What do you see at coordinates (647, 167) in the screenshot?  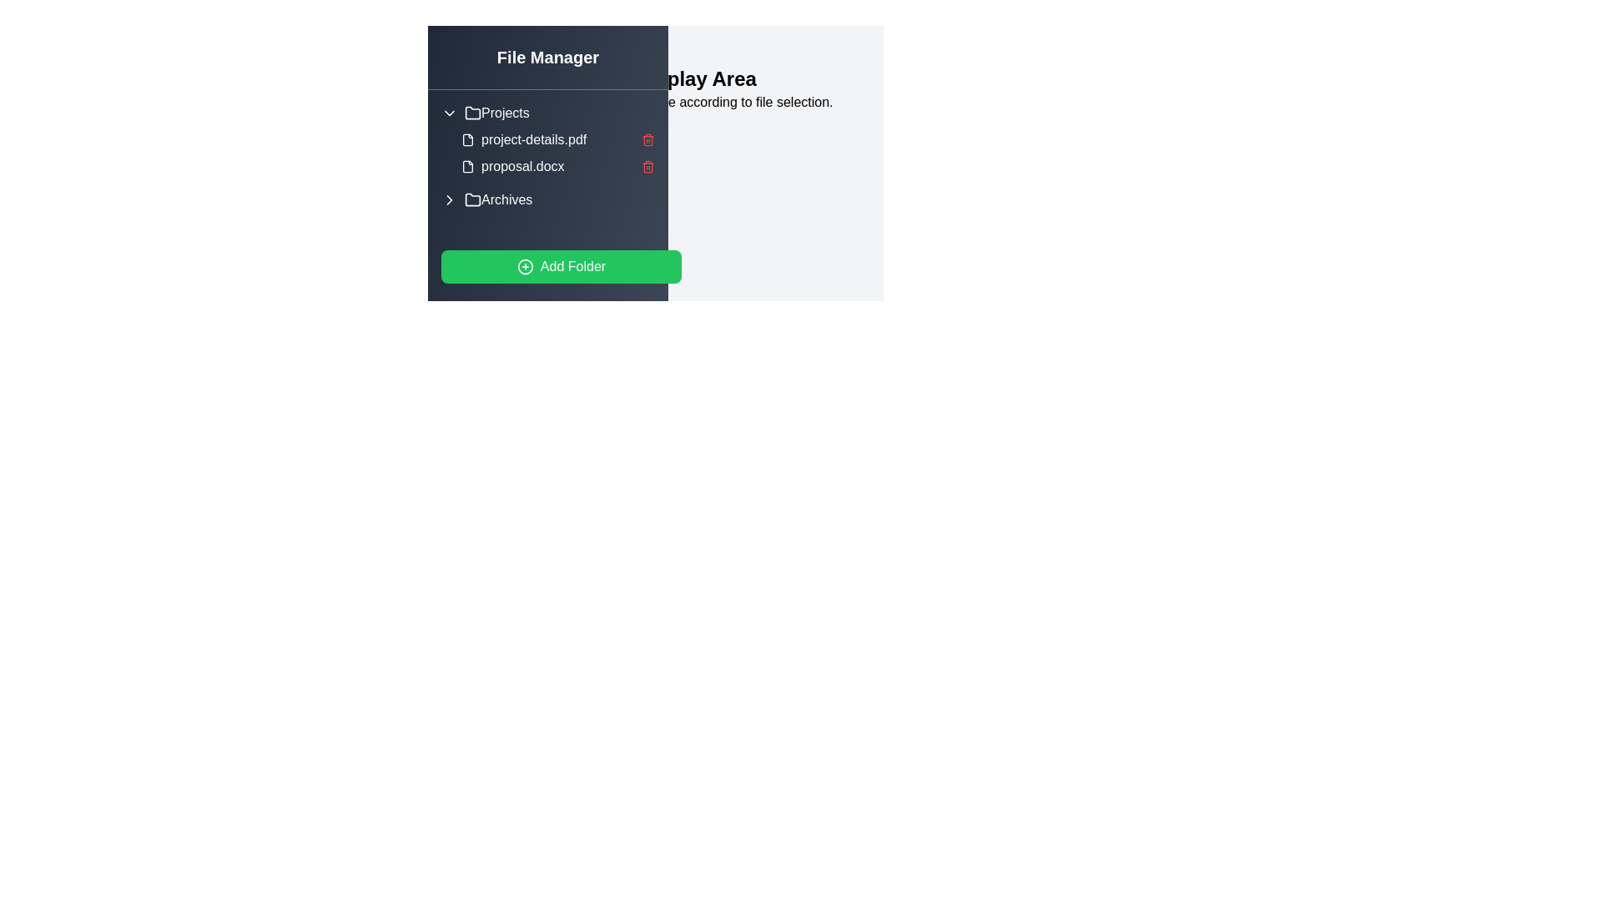 I see `the left border line of the trash bin icon located to the right of 'proposal.docx' under the 'Projects' folder in the file manager interface` at bounding box center [647, 167].